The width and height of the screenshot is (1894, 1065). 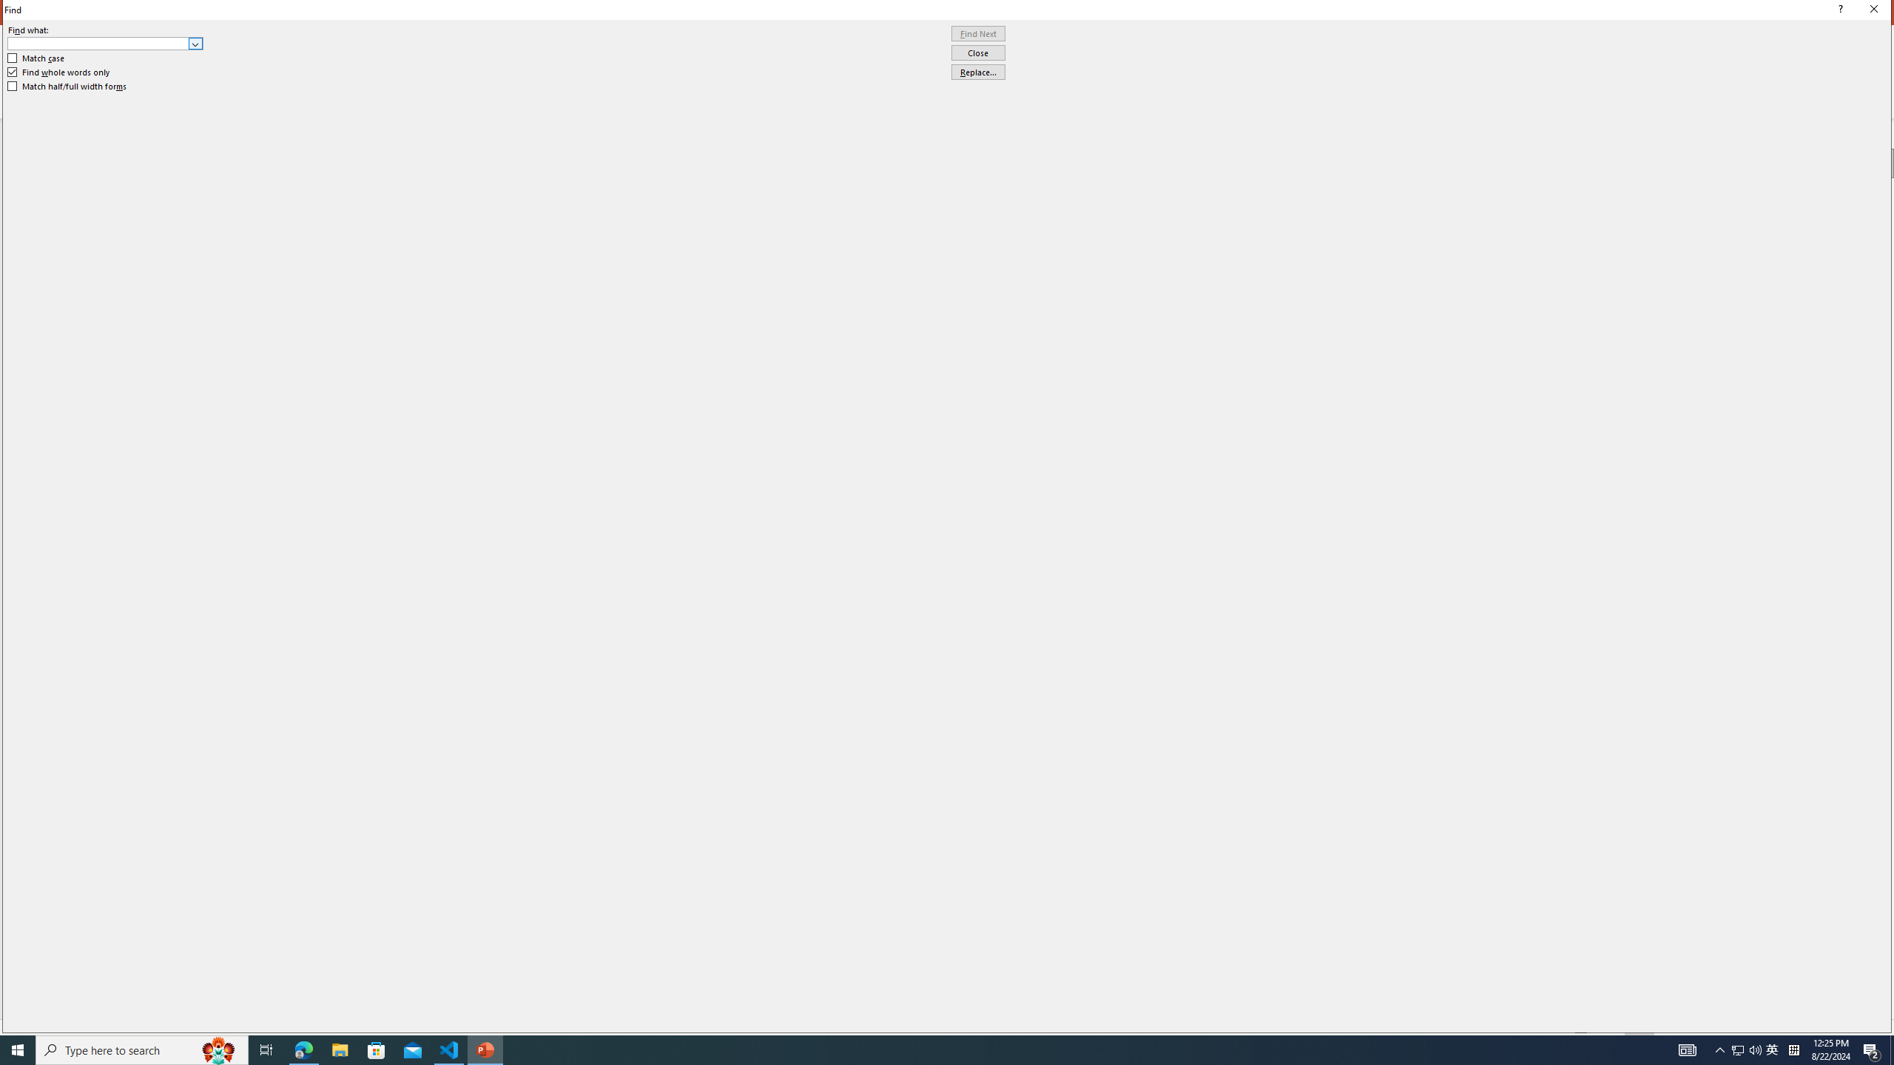 What do you see at coordinates (98, 43) in the screenshot?
I see `'Find what'` at bounding box center [98, 43].